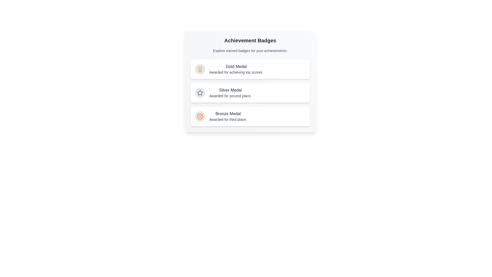 This screenshot has width=492, height=277. What do you see at coordinates (200, 93) in the screenshot?
I see `the star-shaped icon representing the 'Silver Medal' entry in the vertical list of achievement badges` at bounding box center [200, 93].